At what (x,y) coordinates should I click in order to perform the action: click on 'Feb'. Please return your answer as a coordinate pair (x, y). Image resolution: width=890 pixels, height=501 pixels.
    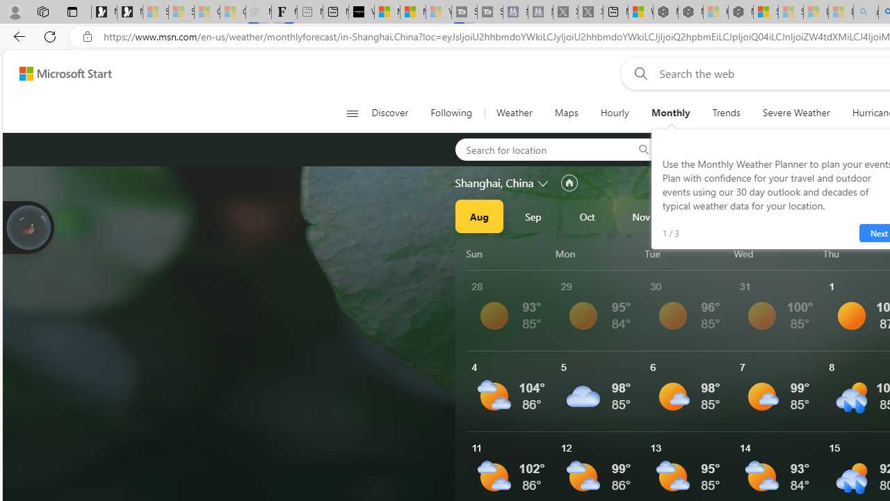
    Looking at the image, I should click on (803, 216).